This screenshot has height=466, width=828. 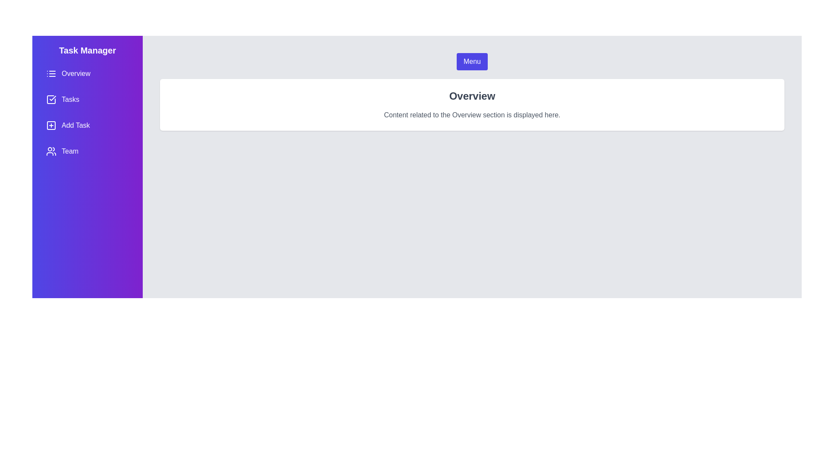 I want to click on the sidebar entry labeled Overview to navigate to that section, so click(x=87, y=73).